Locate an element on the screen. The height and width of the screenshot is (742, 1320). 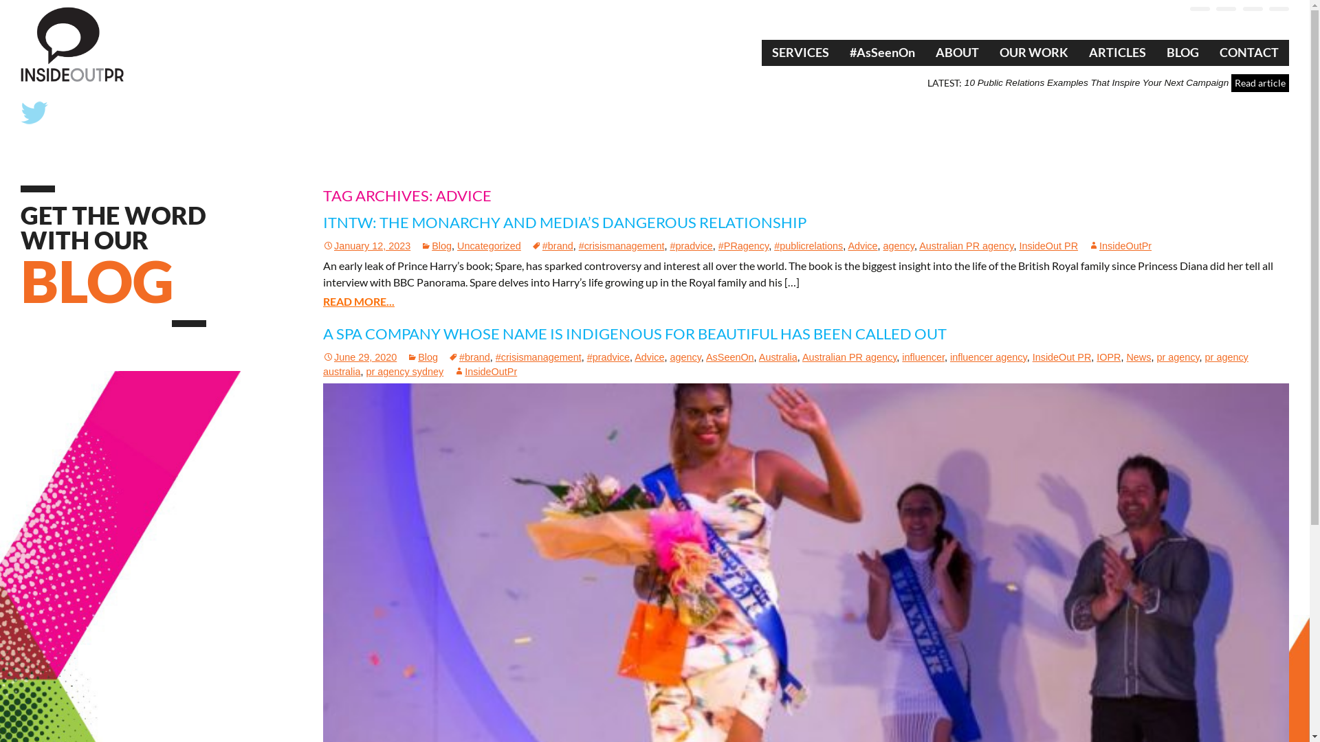
'Australia' is located at coordinates (778, 357).